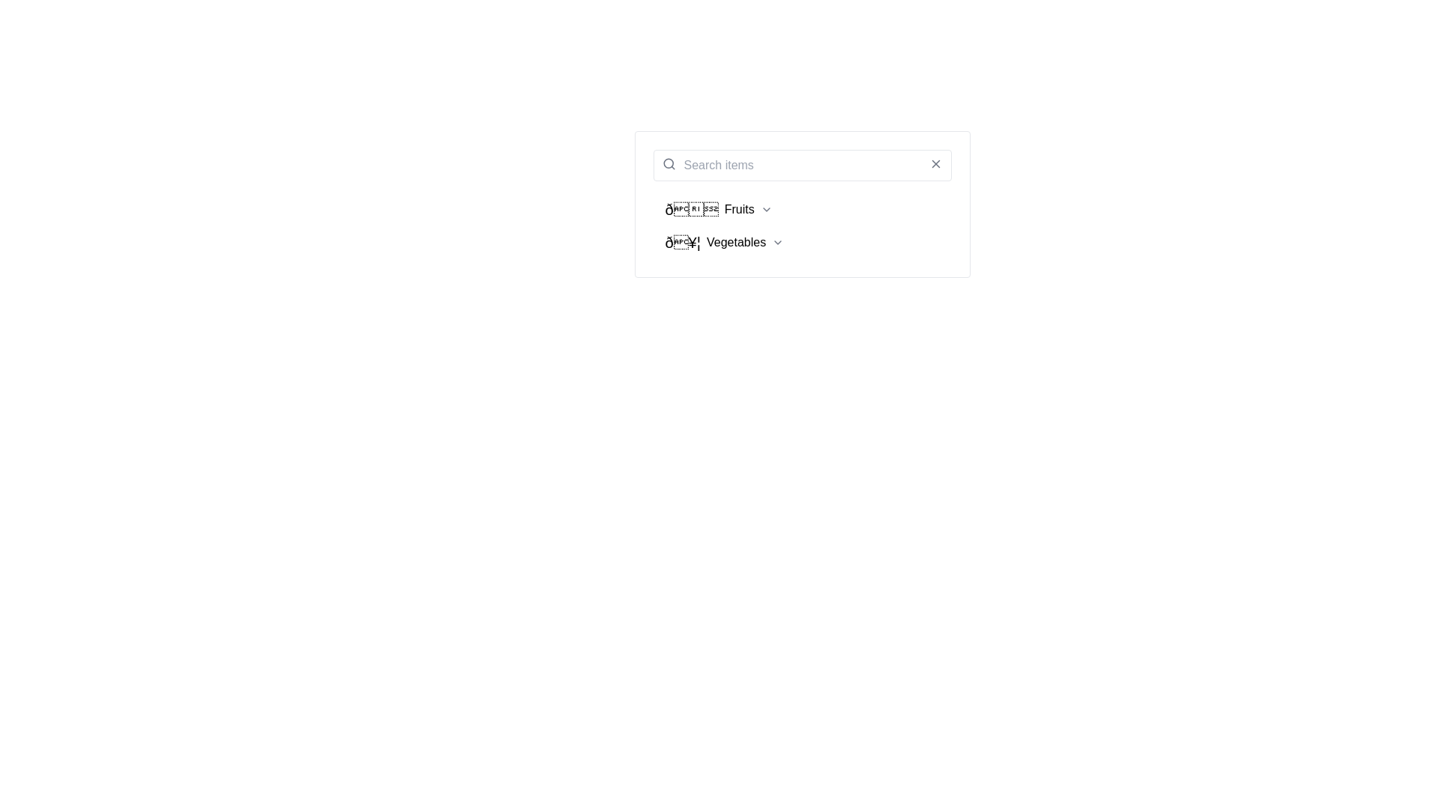 The height and width of the screenshot is (809, 1439). What do you see at coordinates (736, 242) in the screenshot?
I see `label text 'Vegetables' displayed in the center of the menu option, which is part of a vertical menu structure and indicates actions related to vegetables` at bounding box center [736, 242].